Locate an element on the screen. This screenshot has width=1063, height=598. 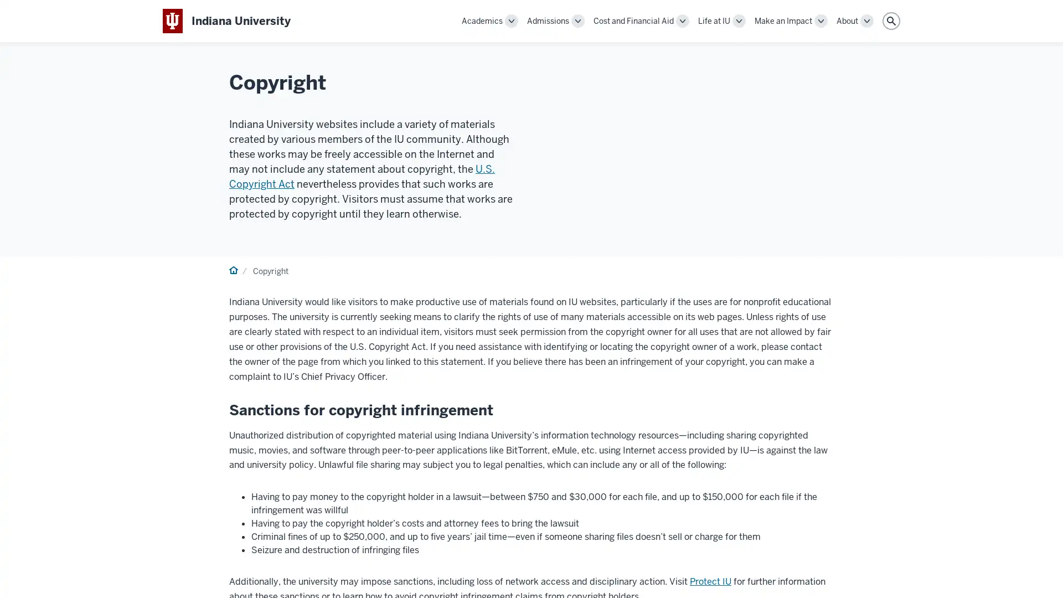
Toggle About navigation is located at coordinates (866, 21).